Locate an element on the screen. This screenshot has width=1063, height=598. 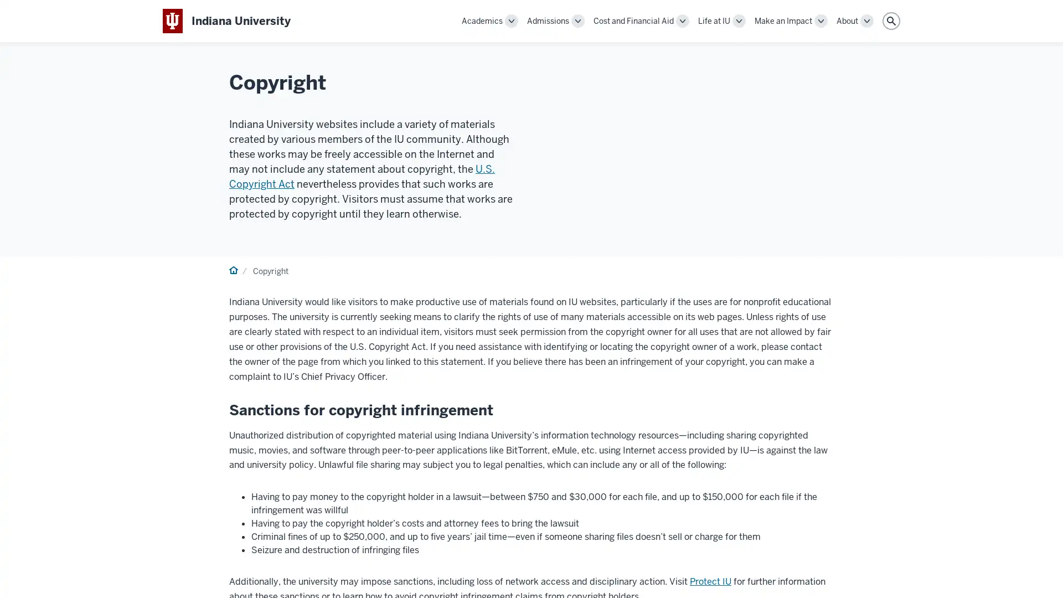
Toggle About navigation is located at coordinates (866, 21).